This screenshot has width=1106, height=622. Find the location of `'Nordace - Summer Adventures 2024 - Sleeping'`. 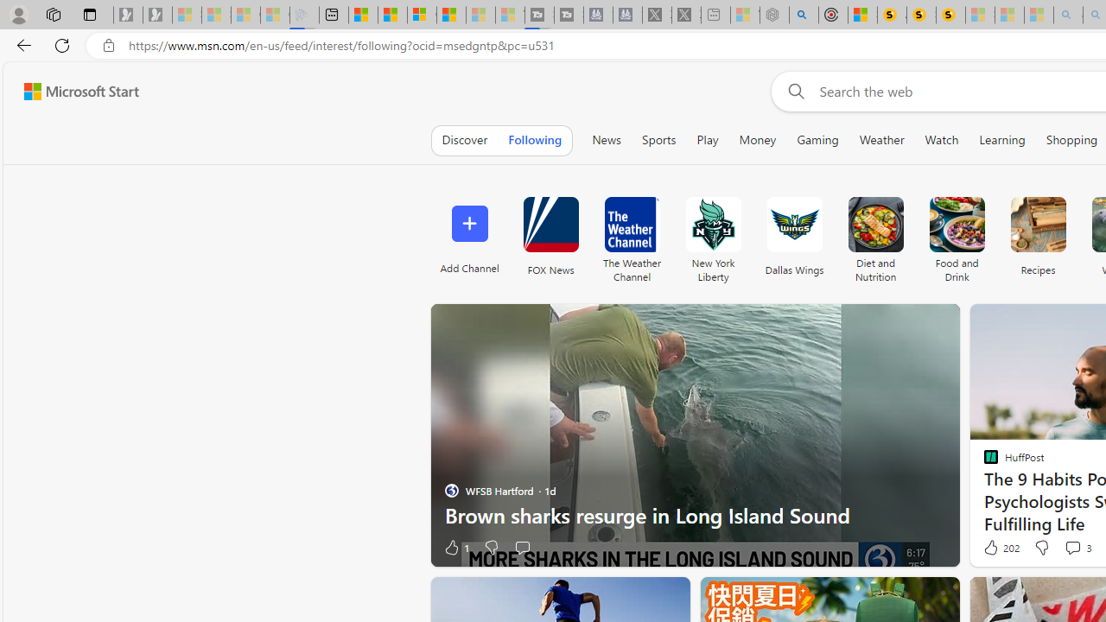

'Nordace - Summer Adventures 2024 - Sleeping' is located at coordinates (773, 15).